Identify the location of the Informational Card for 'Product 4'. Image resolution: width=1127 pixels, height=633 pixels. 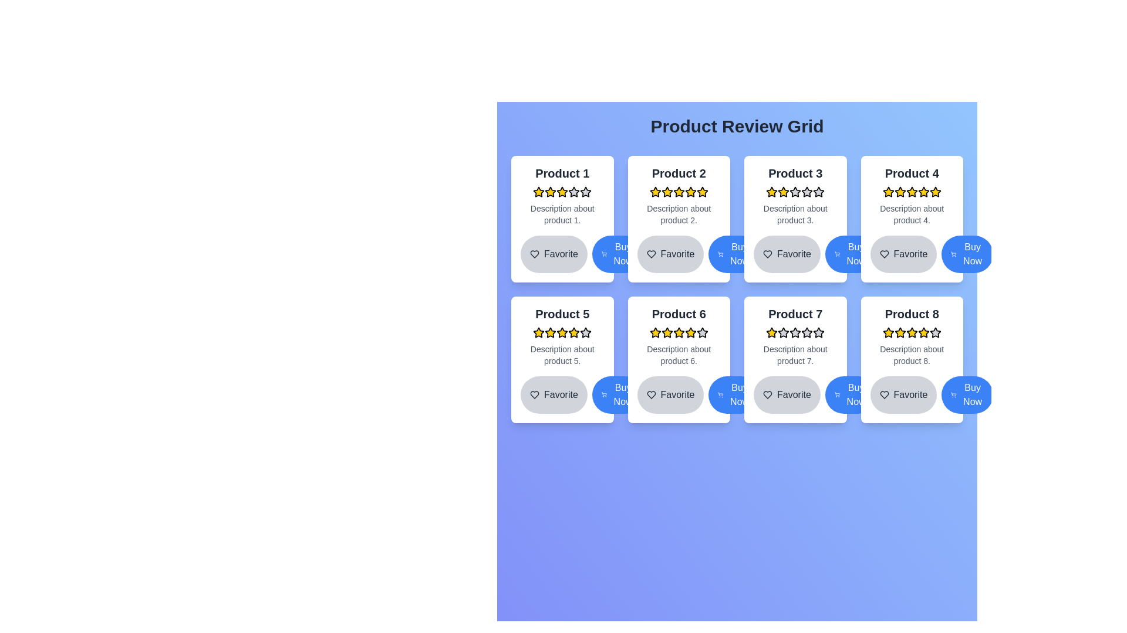
(911, 195).